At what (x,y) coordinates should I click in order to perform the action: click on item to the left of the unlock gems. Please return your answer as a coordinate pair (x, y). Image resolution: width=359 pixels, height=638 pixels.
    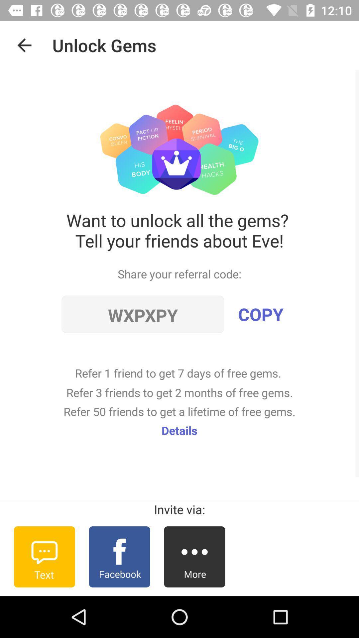
    Looking at the image, I should click on (24, 45).